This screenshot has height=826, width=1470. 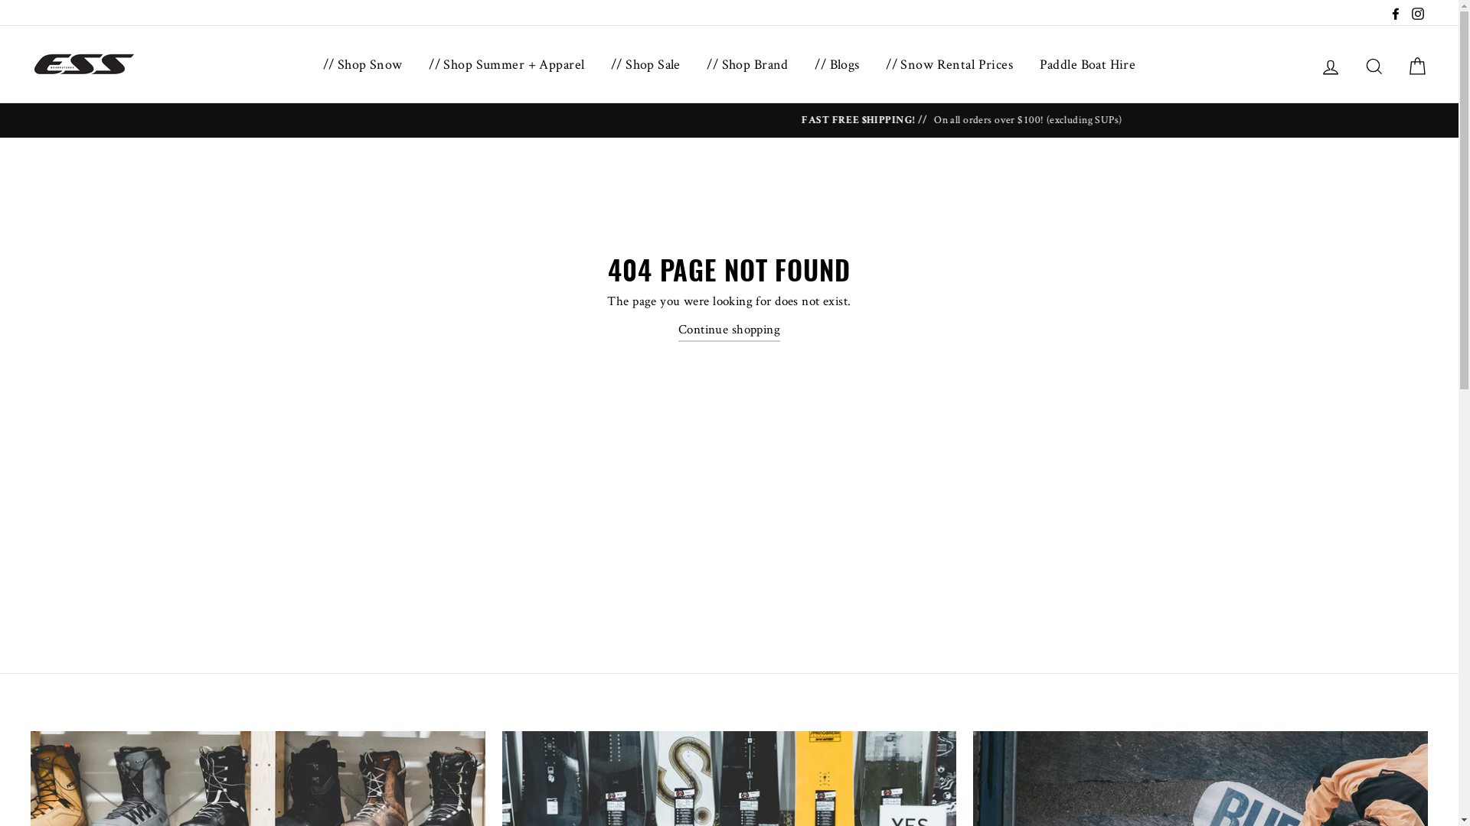 I want to click on 'Paddle Boat Hire', so click(x=1086, y=63).